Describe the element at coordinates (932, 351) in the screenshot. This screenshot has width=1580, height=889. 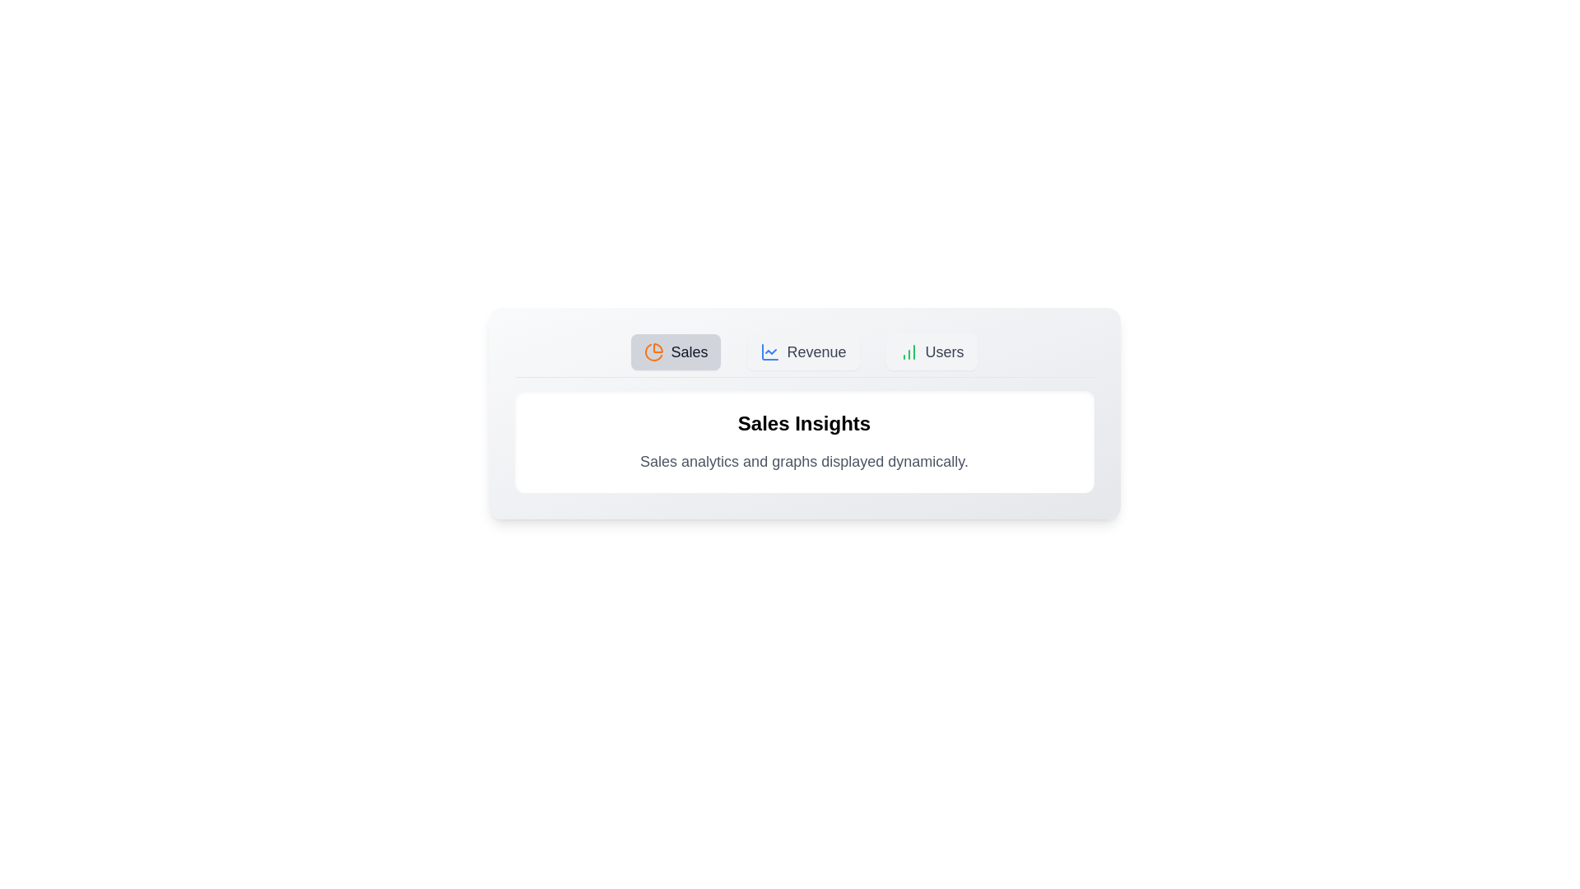
I see `the tab labeled Users` at that location.